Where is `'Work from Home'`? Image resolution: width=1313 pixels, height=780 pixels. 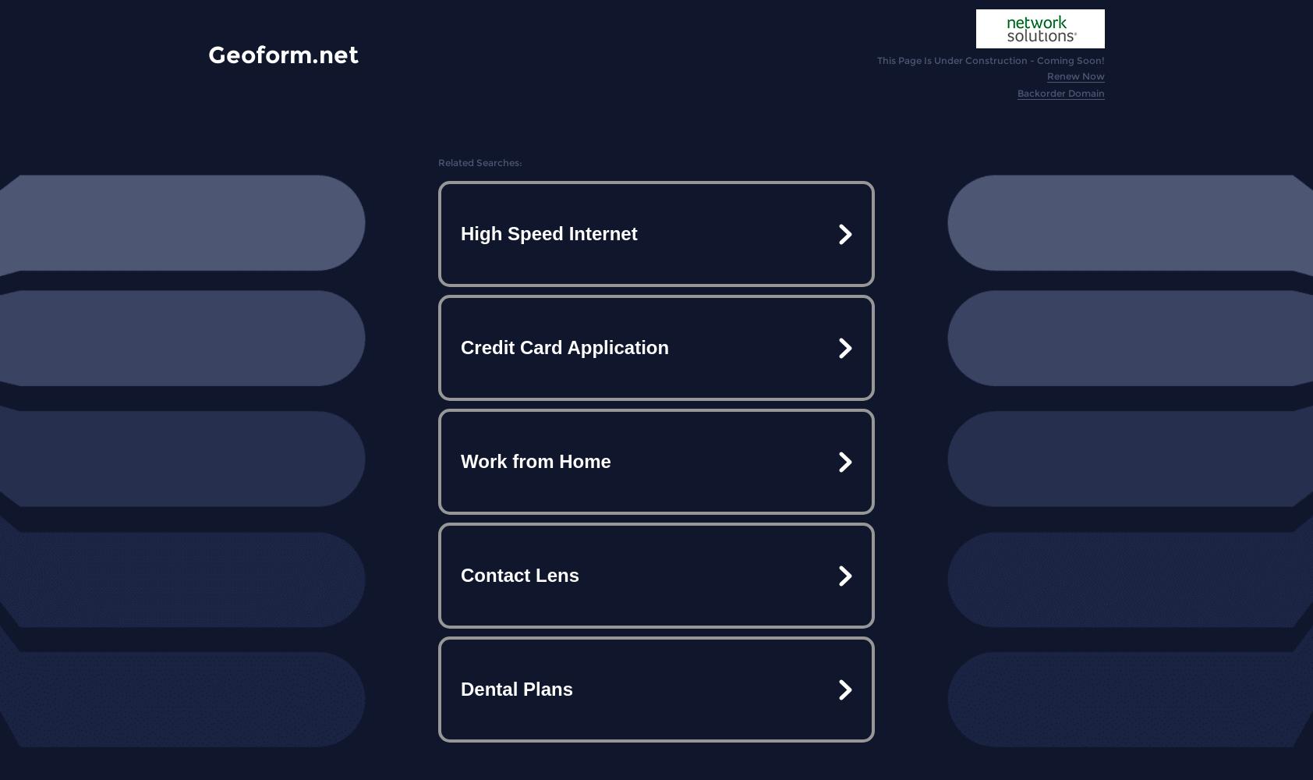
'Work from Home' is located at coordinates (460, 460).